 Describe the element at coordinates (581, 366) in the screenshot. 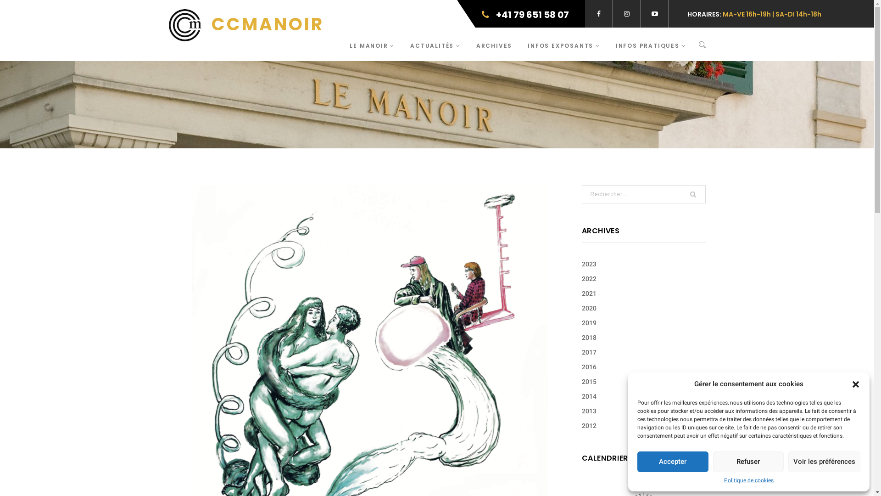

I see `'2016'` at that location.